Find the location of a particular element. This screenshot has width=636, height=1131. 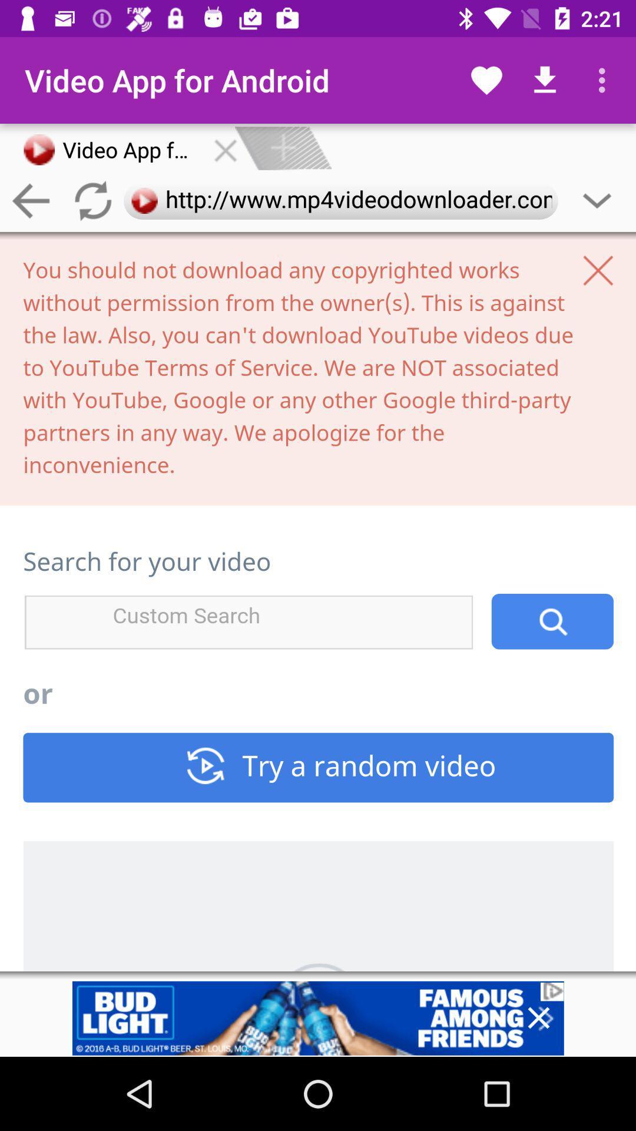

the expand_more icon is located at coordinates (597, 201).